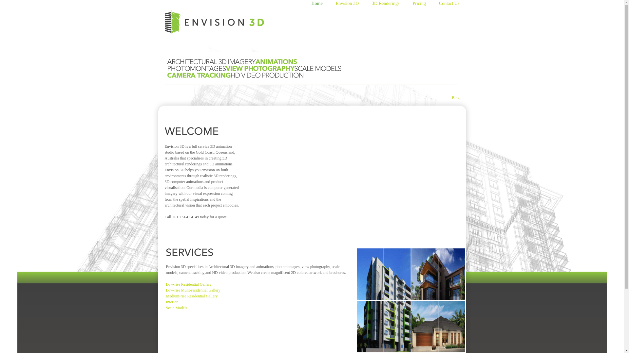  Describe the element at coordinates (452, 4) in the screenshot. I see `'Contact Us'` at that location.